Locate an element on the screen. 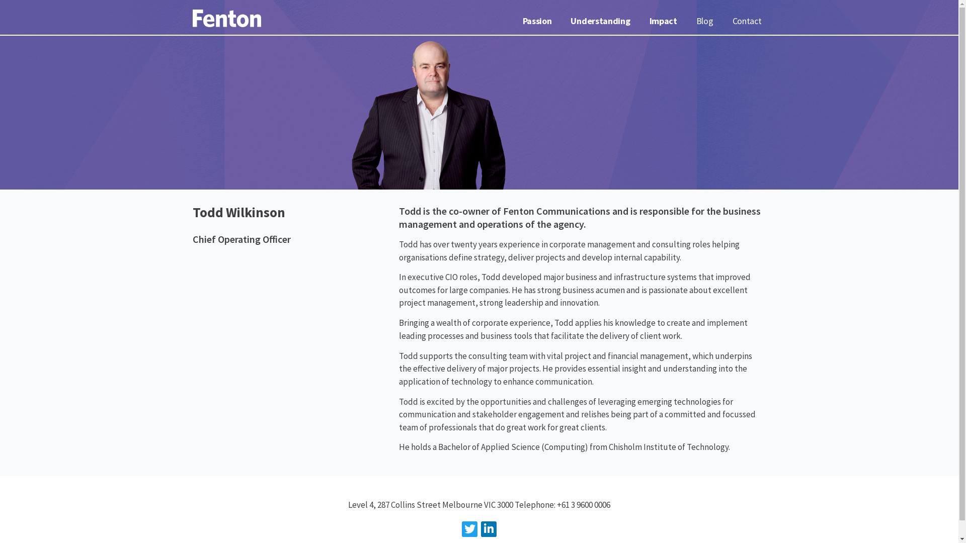 The image size is (966, 543). 'Impact' is located at coordinates (663, 21).